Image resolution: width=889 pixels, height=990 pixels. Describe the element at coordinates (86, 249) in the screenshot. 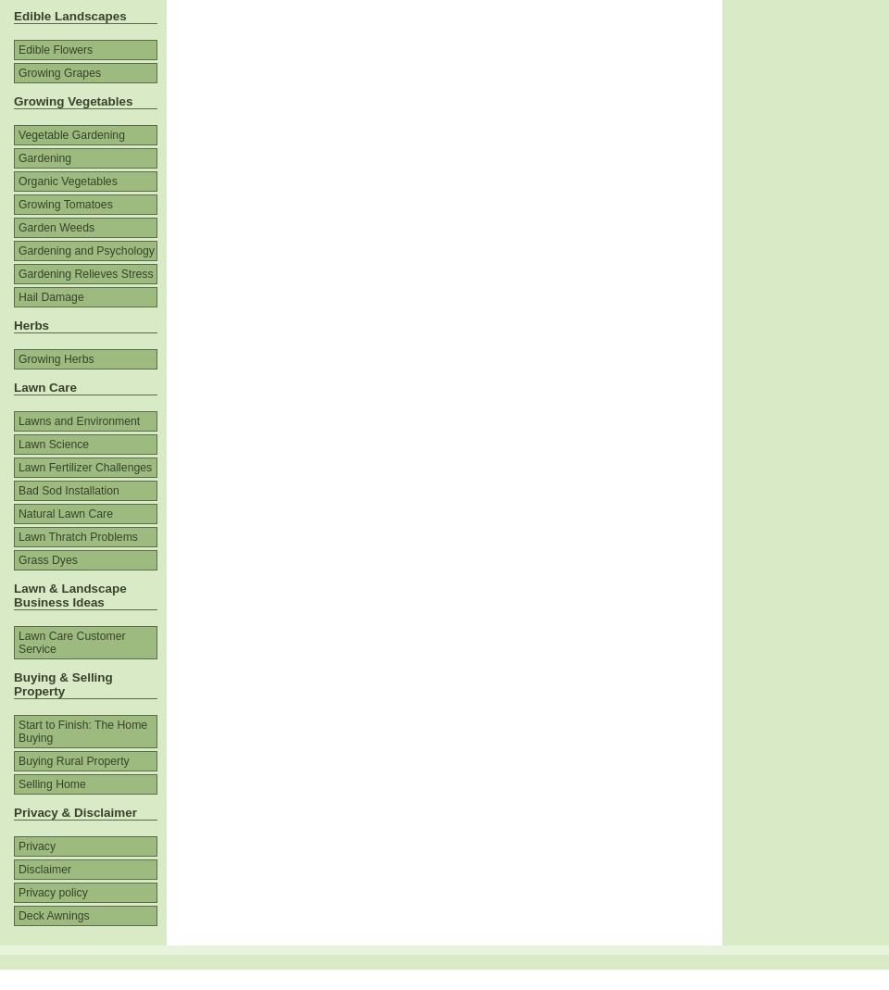

I see `'Gardening and Psychology'` at that location.